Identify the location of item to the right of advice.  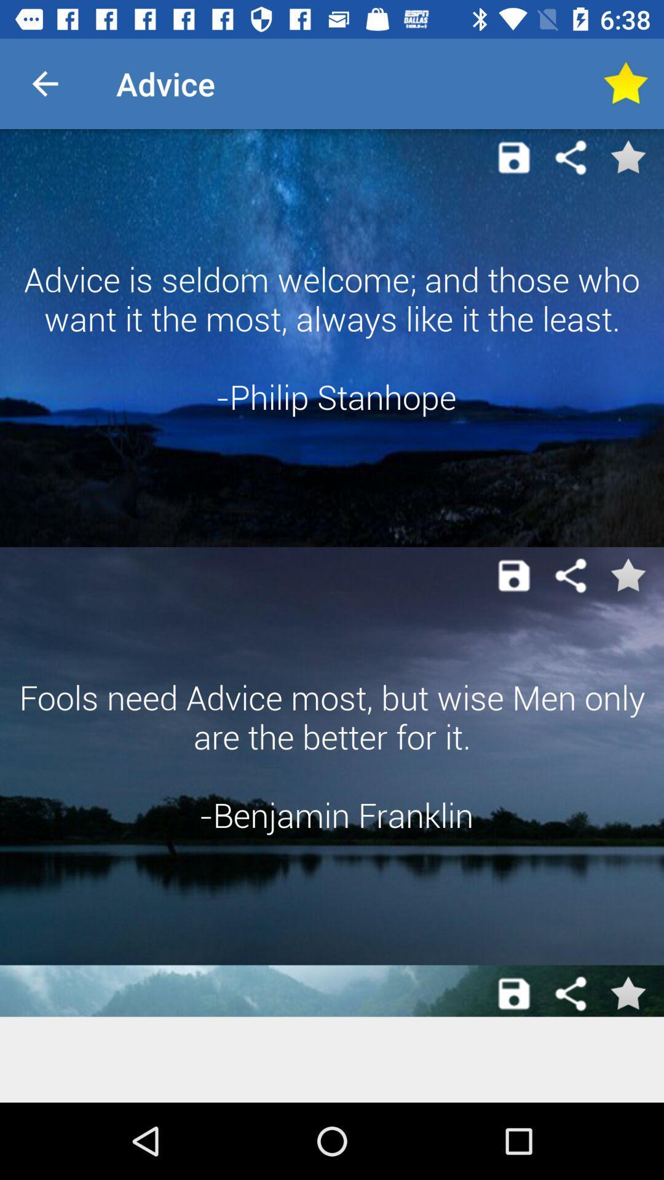
(625, 83).